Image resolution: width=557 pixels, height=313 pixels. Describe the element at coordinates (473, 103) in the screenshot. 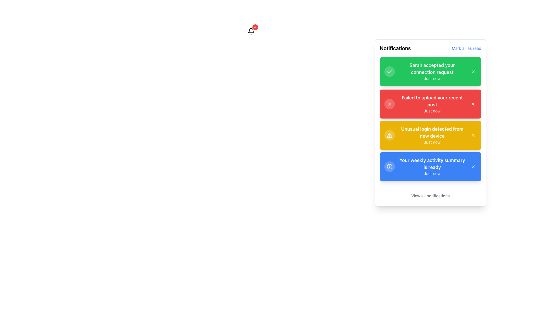

I see `the icon button located at the upper-right corner of the red notification card that states 'Failed to upload your recent post'` at that location.